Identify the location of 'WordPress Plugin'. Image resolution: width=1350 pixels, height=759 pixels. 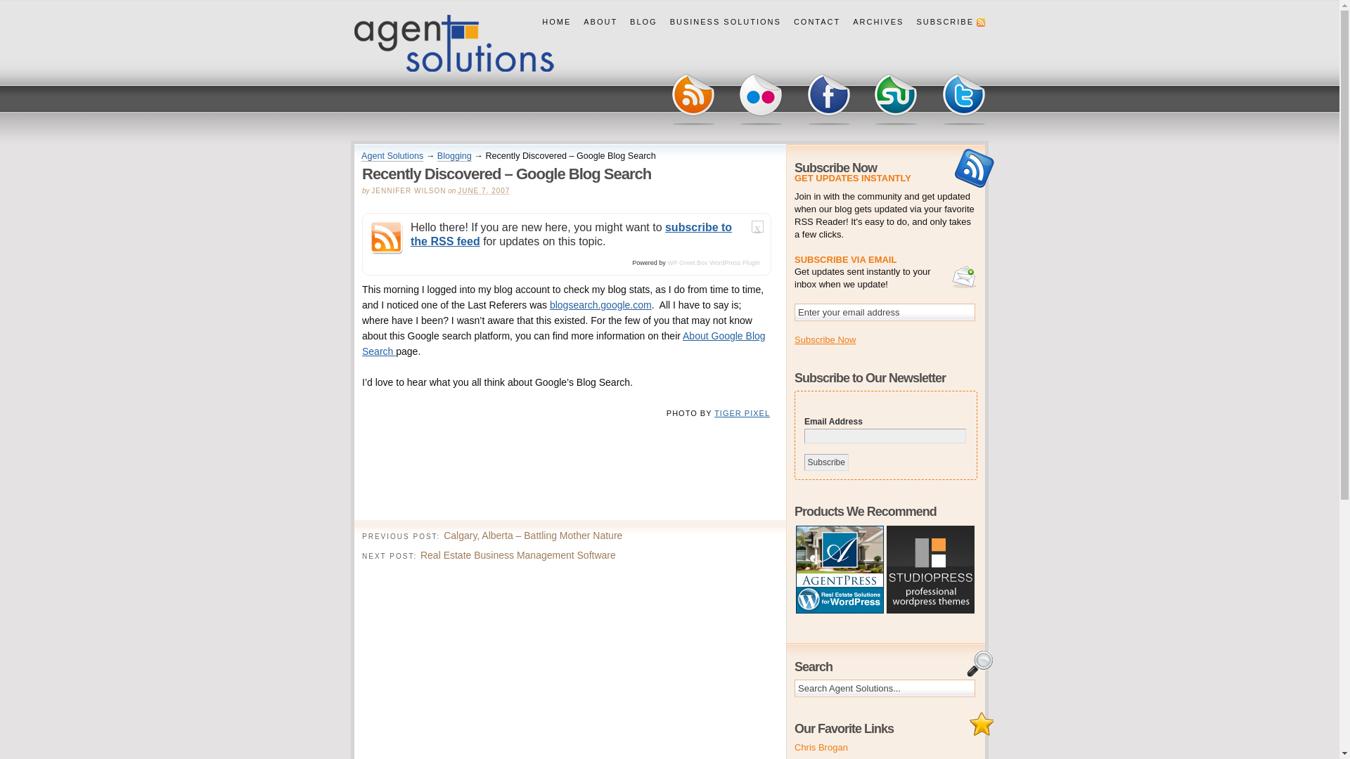
(734, 263).